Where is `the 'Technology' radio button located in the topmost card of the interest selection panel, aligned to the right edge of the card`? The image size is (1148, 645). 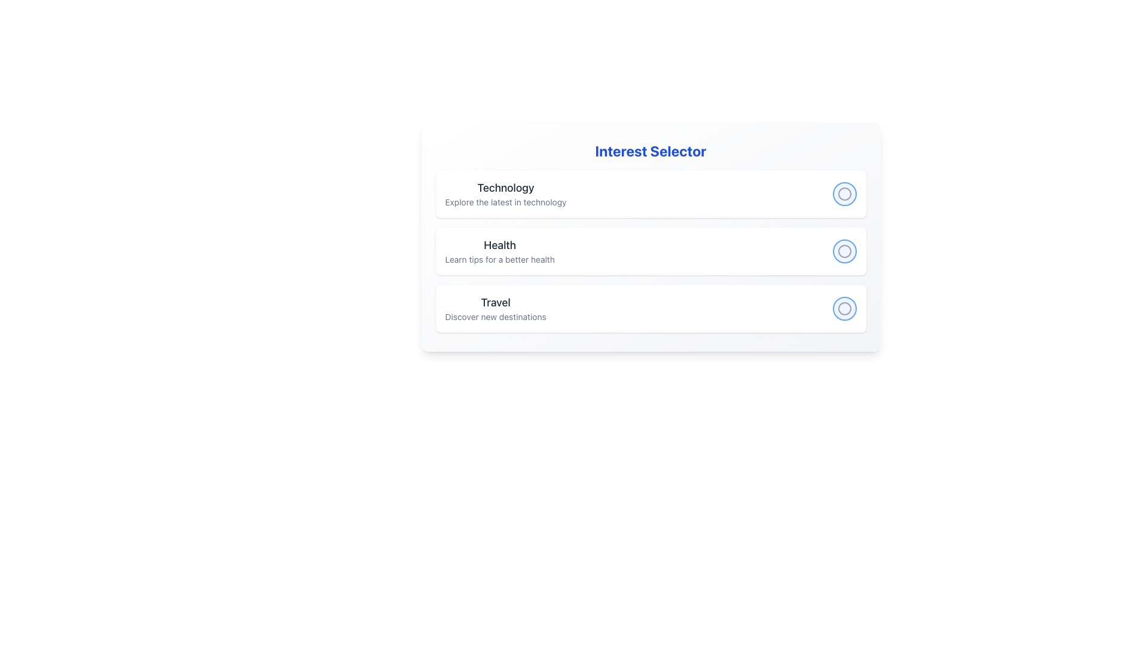 the 'Technology' radio button located in the topmost card of the interest selection panel, aligned to the right edge of the card is located at coordinates (844, 193).